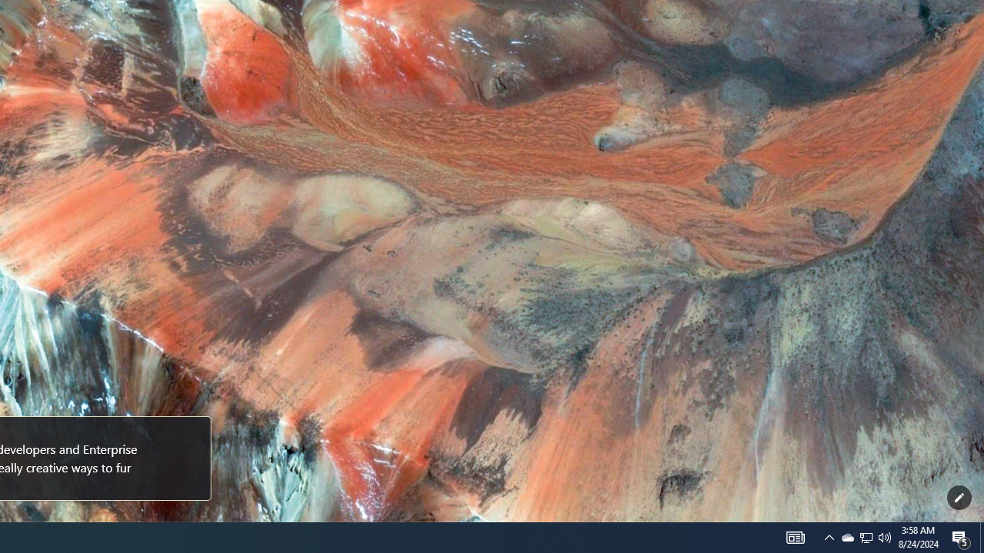 This screenshot has width=984, height=553. What do you see at coordinates (959, 498) in the screenshot?
I see `'Customize this page'` at bounding box center [959, 498].